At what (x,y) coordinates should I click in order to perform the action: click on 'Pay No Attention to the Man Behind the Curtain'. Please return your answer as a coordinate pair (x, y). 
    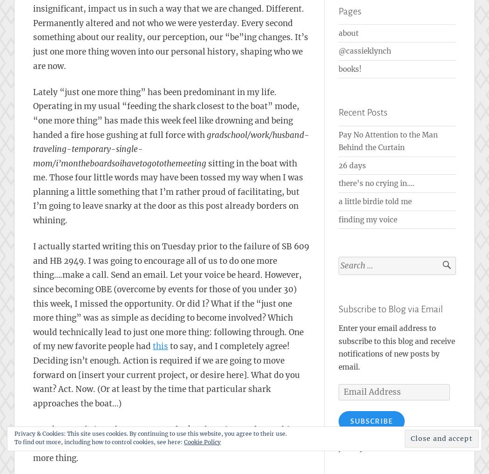
    Looking at the image, I should click on (338, 141).